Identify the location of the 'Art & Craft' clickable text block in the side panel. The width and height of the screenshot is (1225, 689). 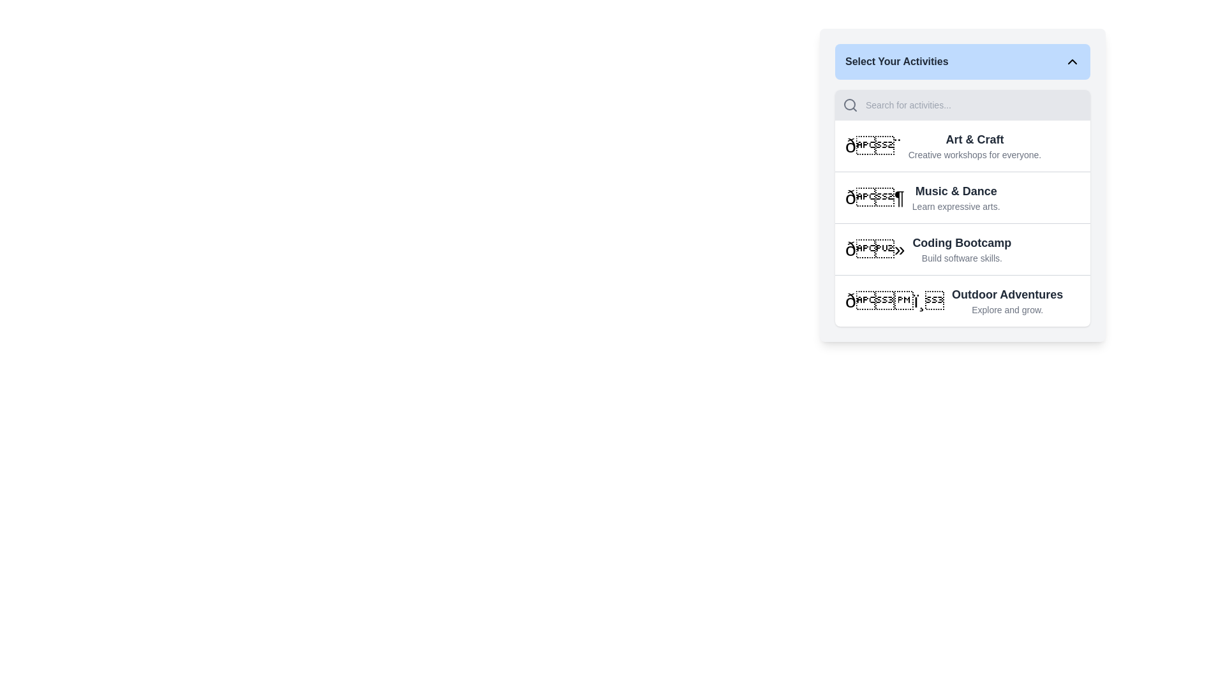
(974, 145).